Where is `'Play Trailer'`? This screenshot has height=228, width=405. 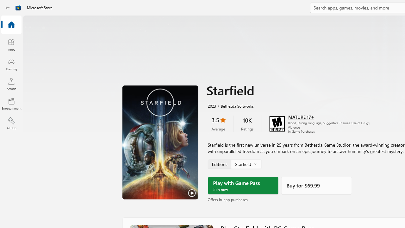
'Play Trailer' is located at coordinates (160, 142).